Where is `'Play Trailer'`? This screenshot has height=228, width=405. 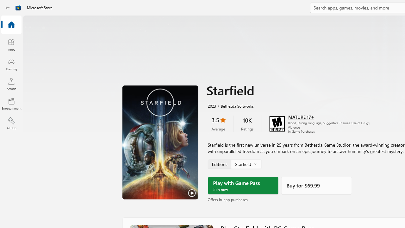
'Play Trailer' is located at coordinates (160, 142).